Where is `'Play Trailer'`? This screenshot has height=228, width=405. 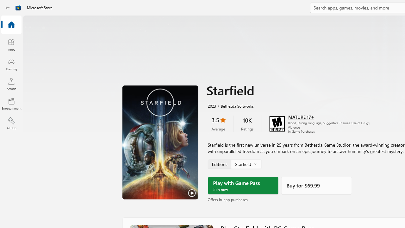
'Play Trailer' is located at coordinates (160, 142).